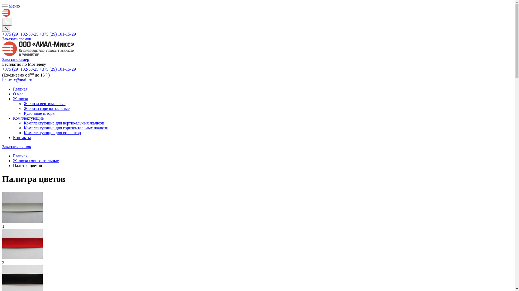 The image size is (519, 291). I want to click on '+375 (29) 101-15-29', so click(57, 69).